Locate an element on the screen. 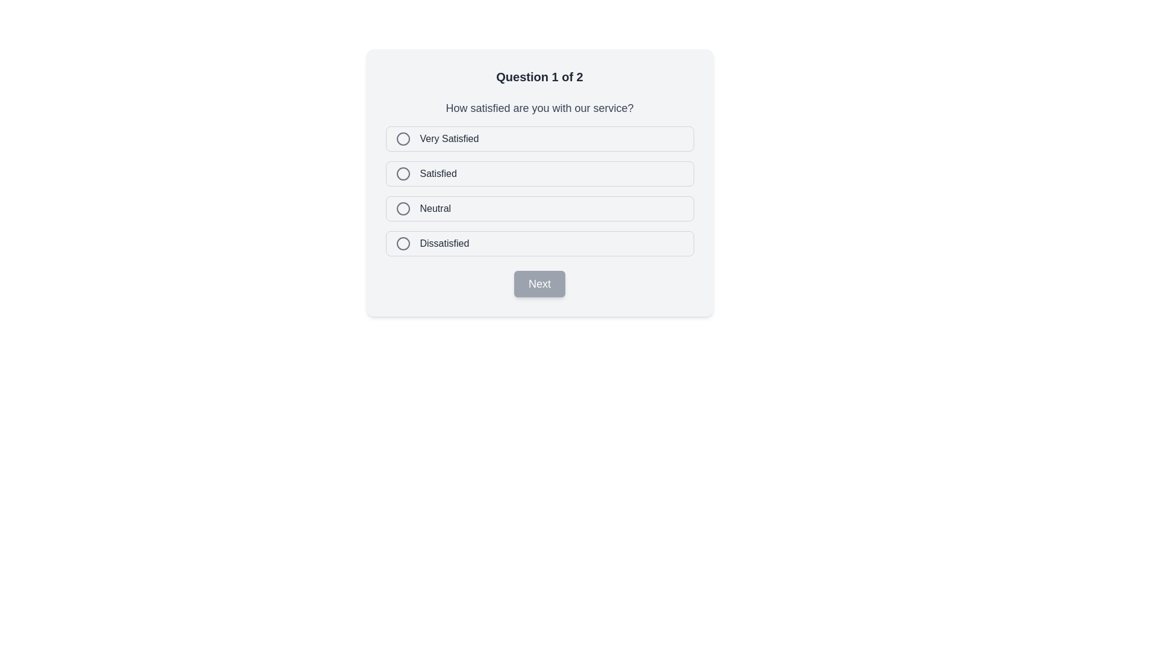  to select the 'Satisfied' option in the radio button group for the satisfaction survey, which is the second option in the list is located at coordinates (539, 183).